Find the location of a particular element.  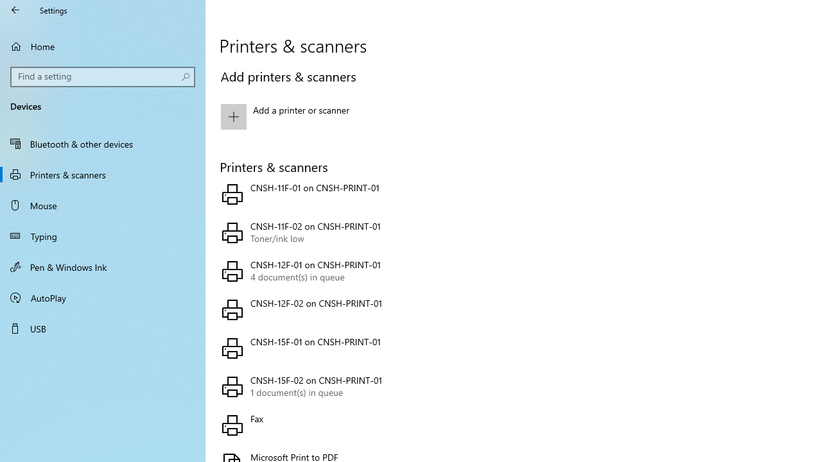

'Printers & scanners' is located at coordinates (103, 174).